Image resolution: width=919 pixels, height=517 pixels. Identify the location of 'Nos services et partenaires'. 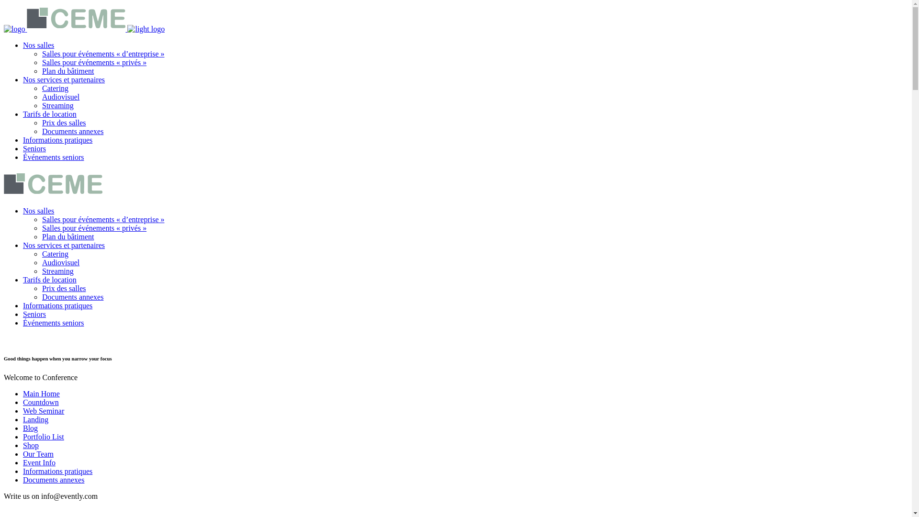
(23, 79).